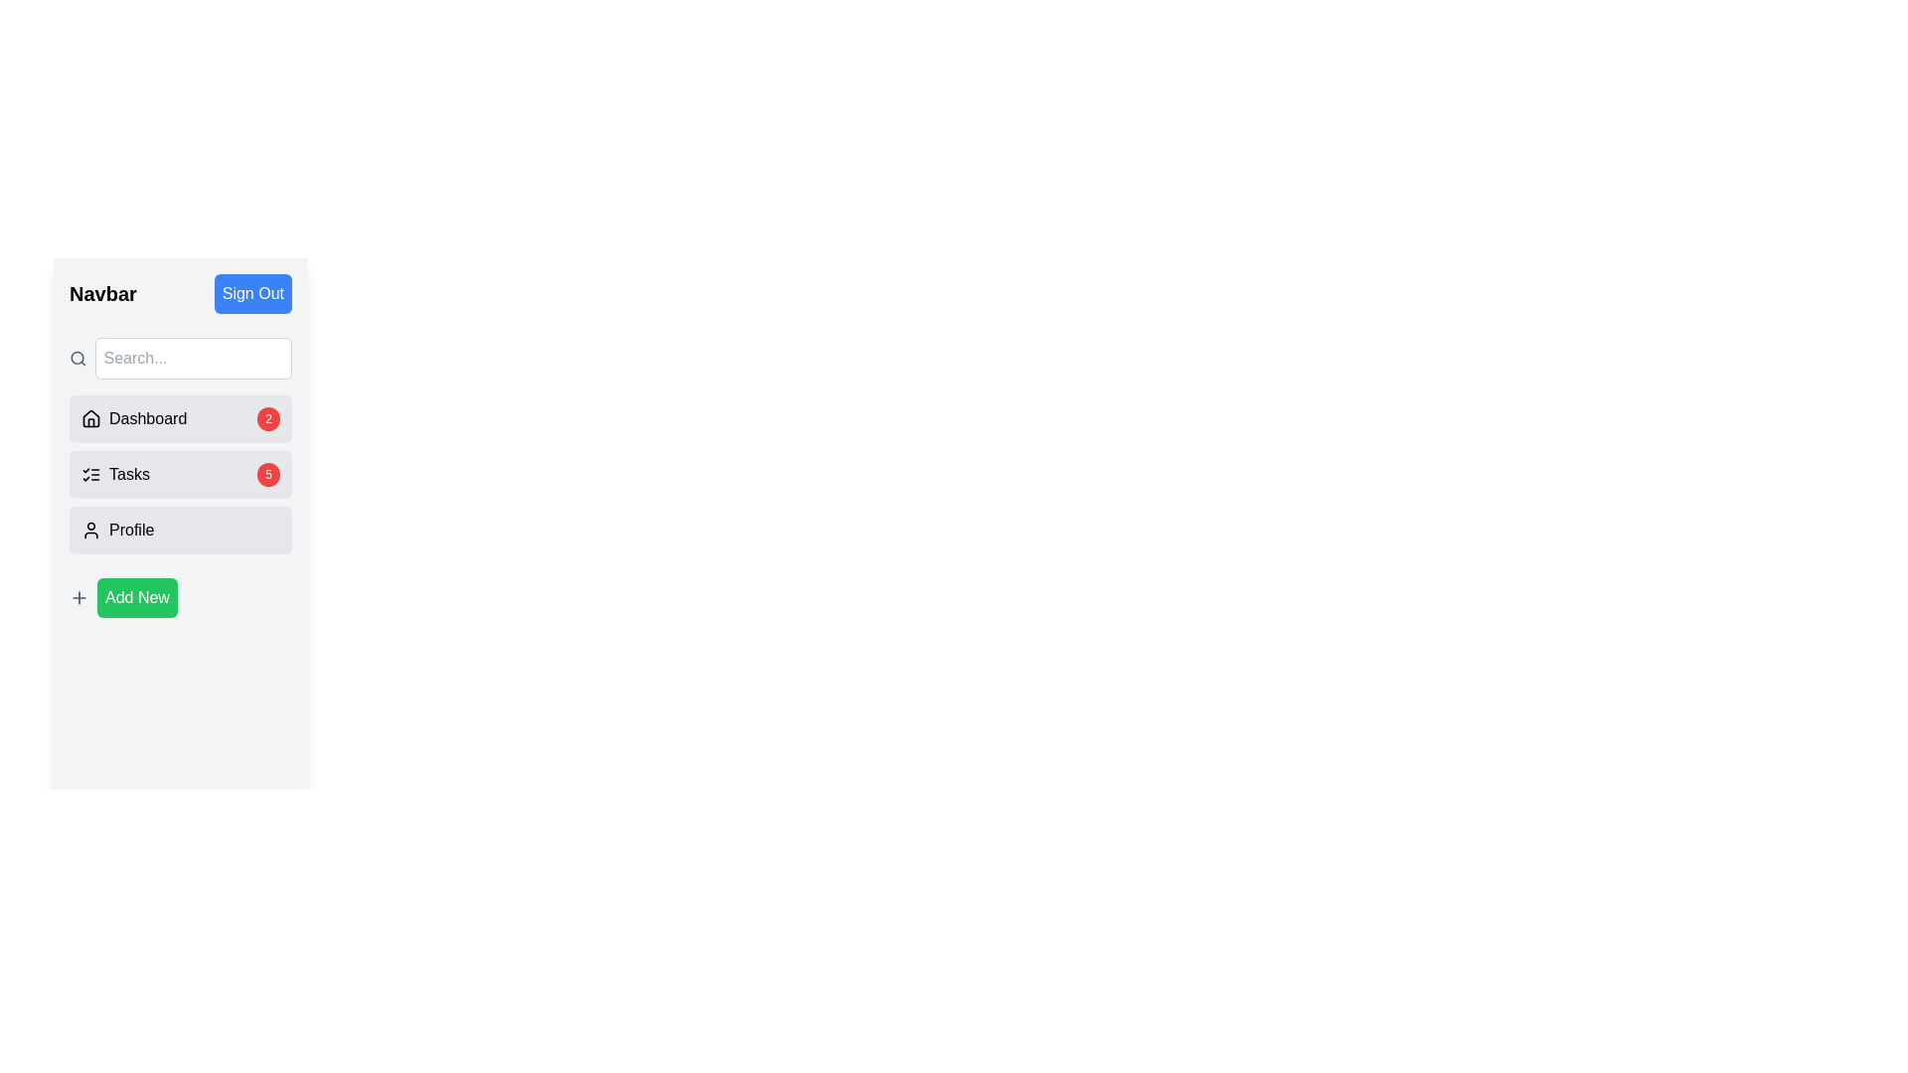 The width and height of the screenshot is (1908, 1073). I want to click on the 'Dashboard' button with icon and badge, which is the first item in the vertical list in the navigation panel, located below the search bar and above 'Tasks', so click(181, 417).